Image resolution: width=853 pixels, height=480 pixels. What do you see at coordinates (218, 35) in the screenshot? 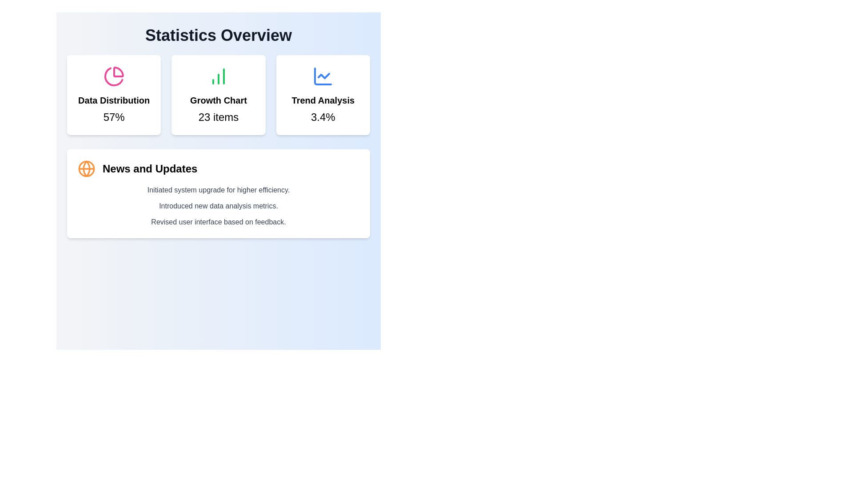
I see `the Static text label 'Statistics Overview', which is a bold heading displayed at the top of the interface and centered horizontally` at bounding box center [218, 35].